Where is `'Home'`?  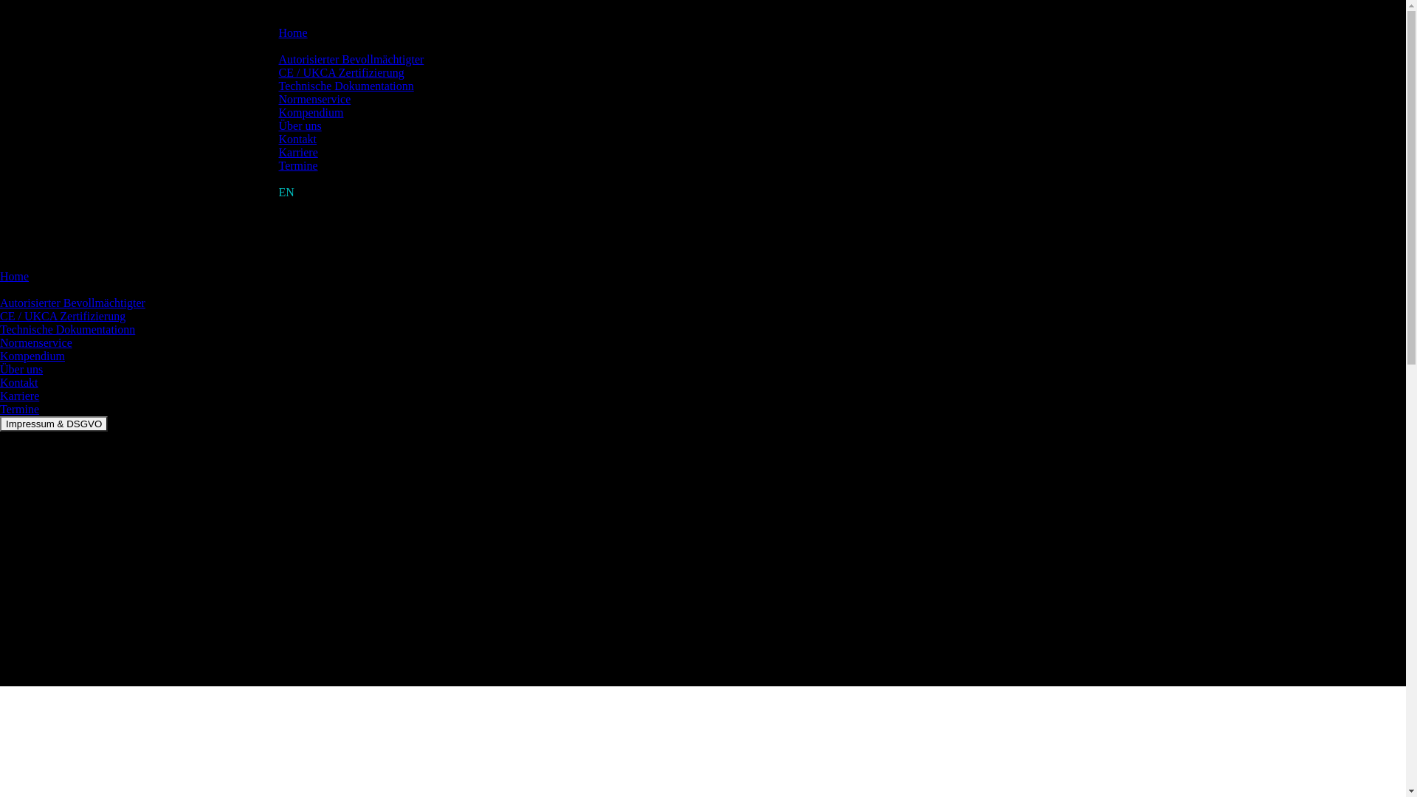 'Home' is located at coordinates (279, 32).